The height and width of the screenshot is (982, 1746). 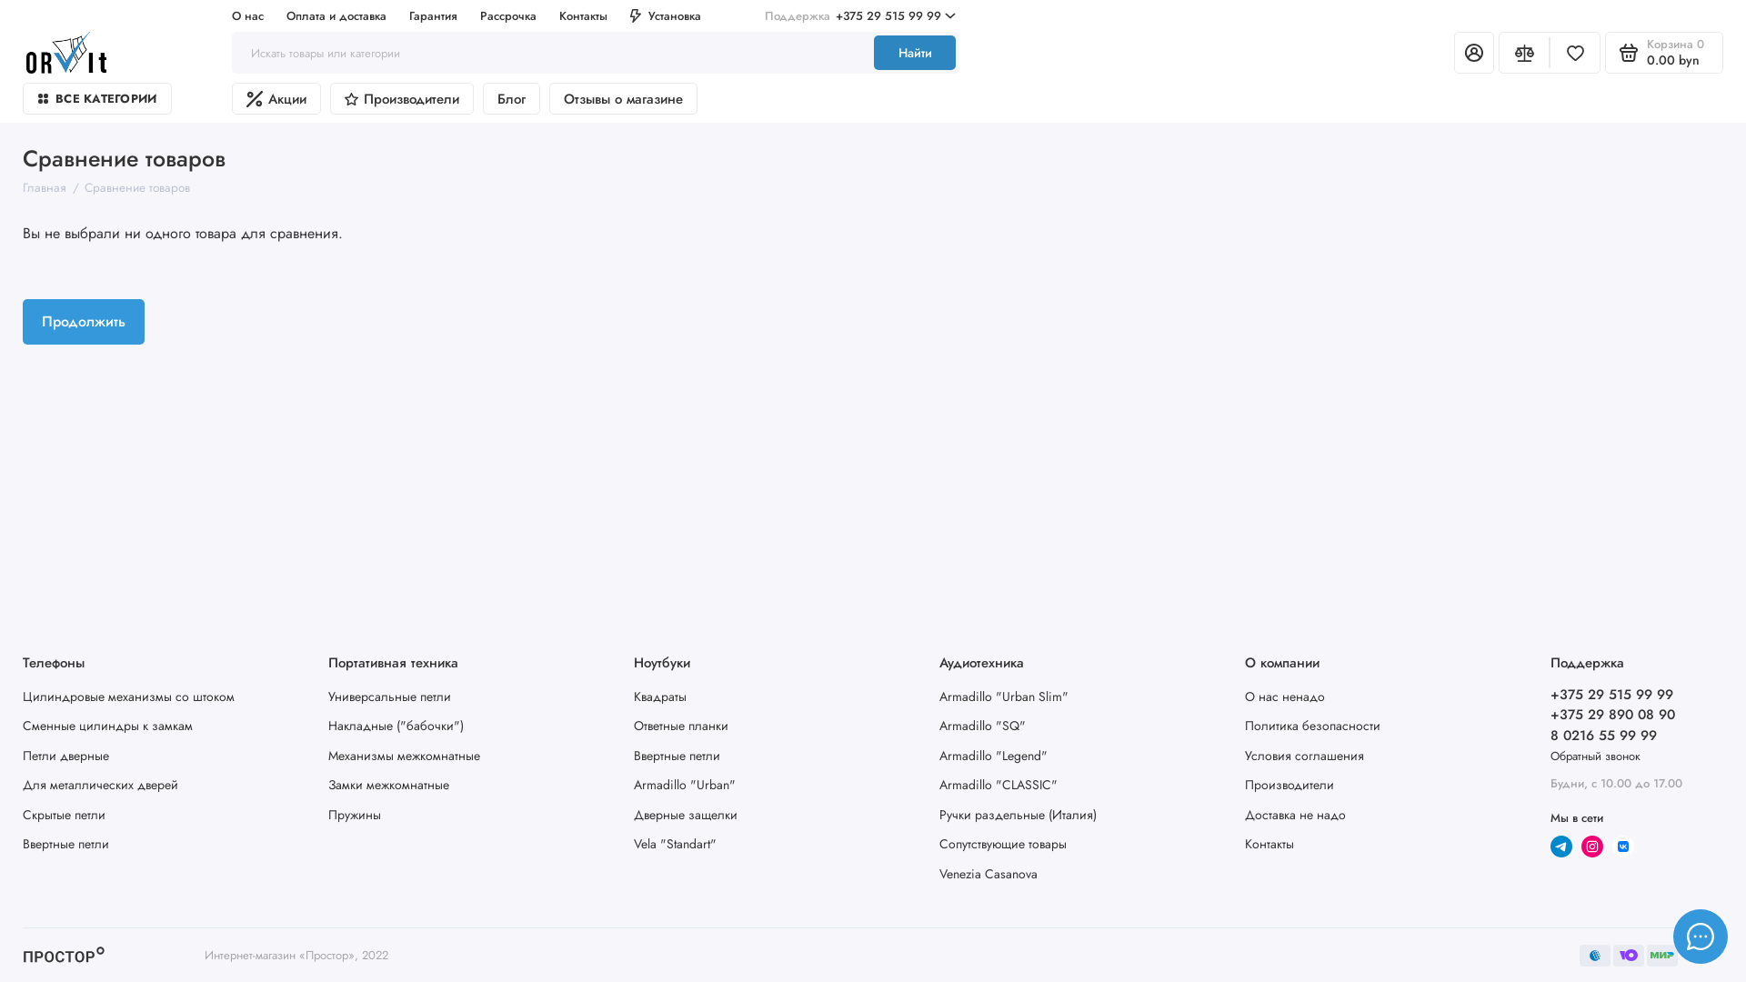 I want to click on 'Vk', so click(x=1623, y=846).